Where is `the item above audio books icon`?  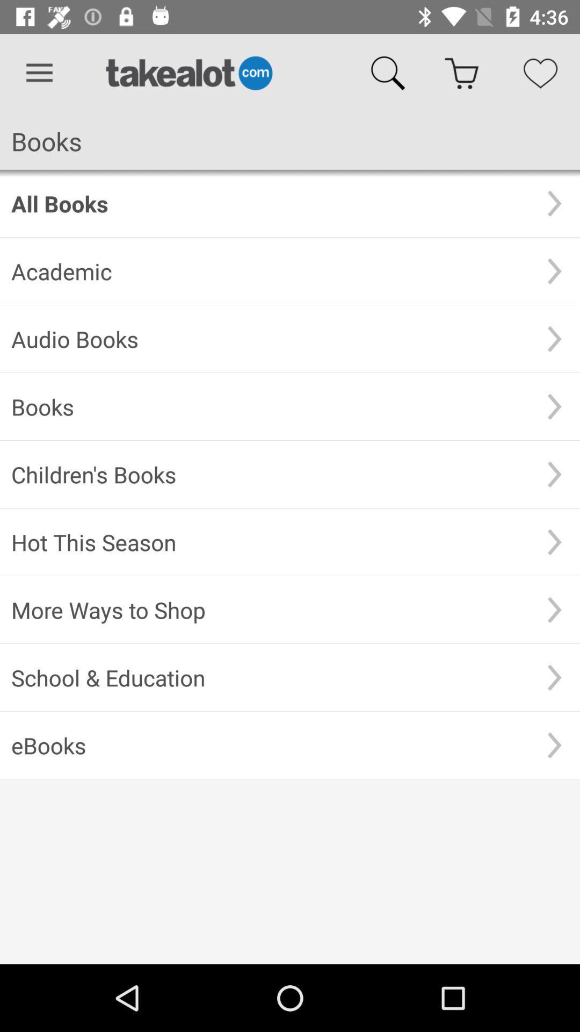
the item above audio books icon is located at coordinates (270, 271).